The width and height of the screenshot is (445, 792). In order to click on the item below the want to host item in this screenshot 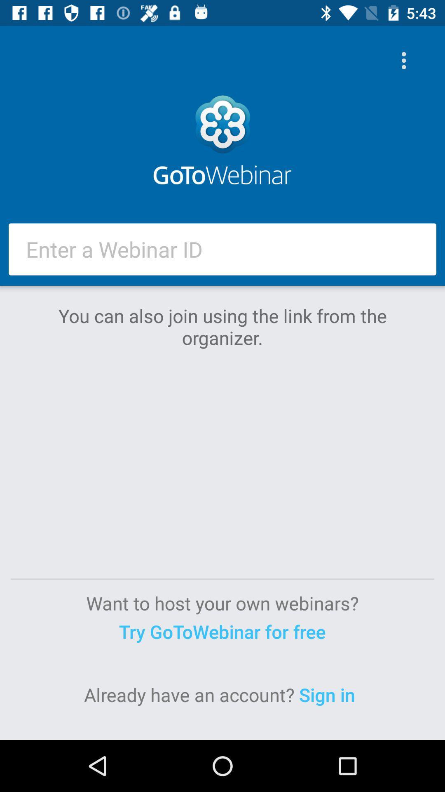, I will do `click(222, 631)`.